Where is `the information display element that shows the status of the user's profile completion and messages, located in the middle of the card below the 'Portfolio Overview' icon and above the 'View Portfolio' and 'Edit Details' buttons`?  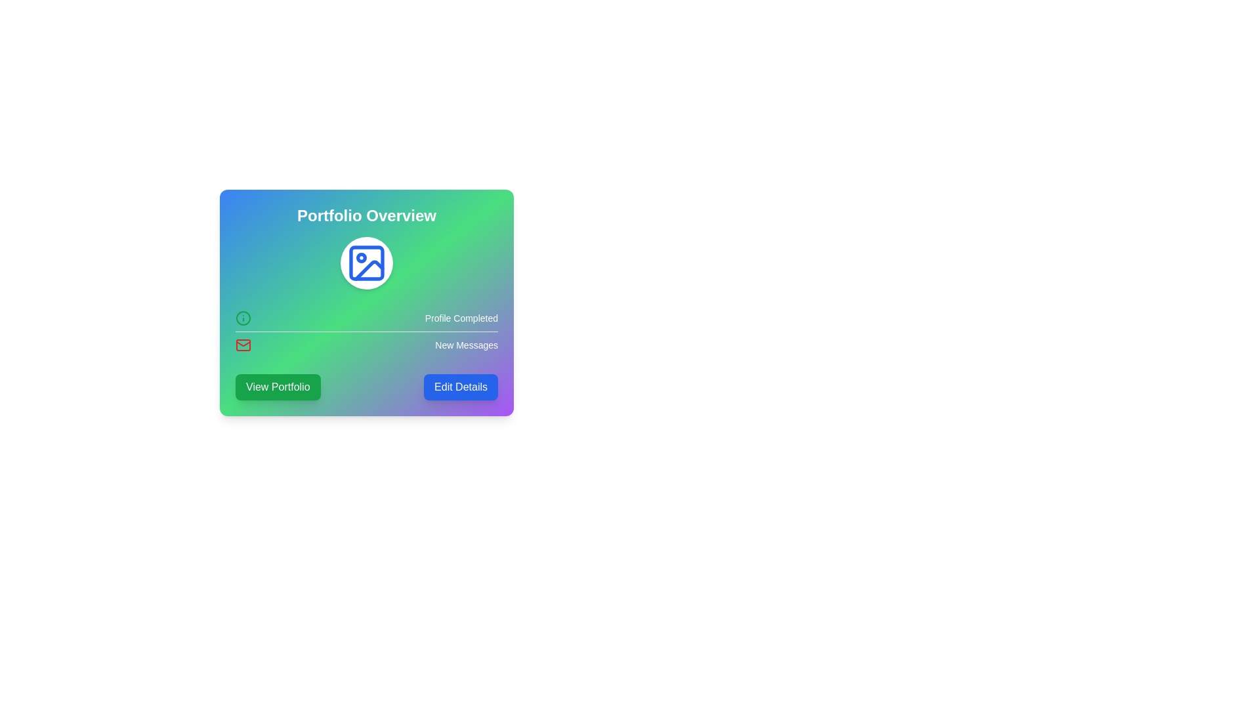 the information display element that shows the status of the user's profile completion and messages, located in the middle of the card below the 'Portfolio Overview' icon and above the 'View Portfolio' and 'Edit Details' buttons is located at coordinates (366, 331).